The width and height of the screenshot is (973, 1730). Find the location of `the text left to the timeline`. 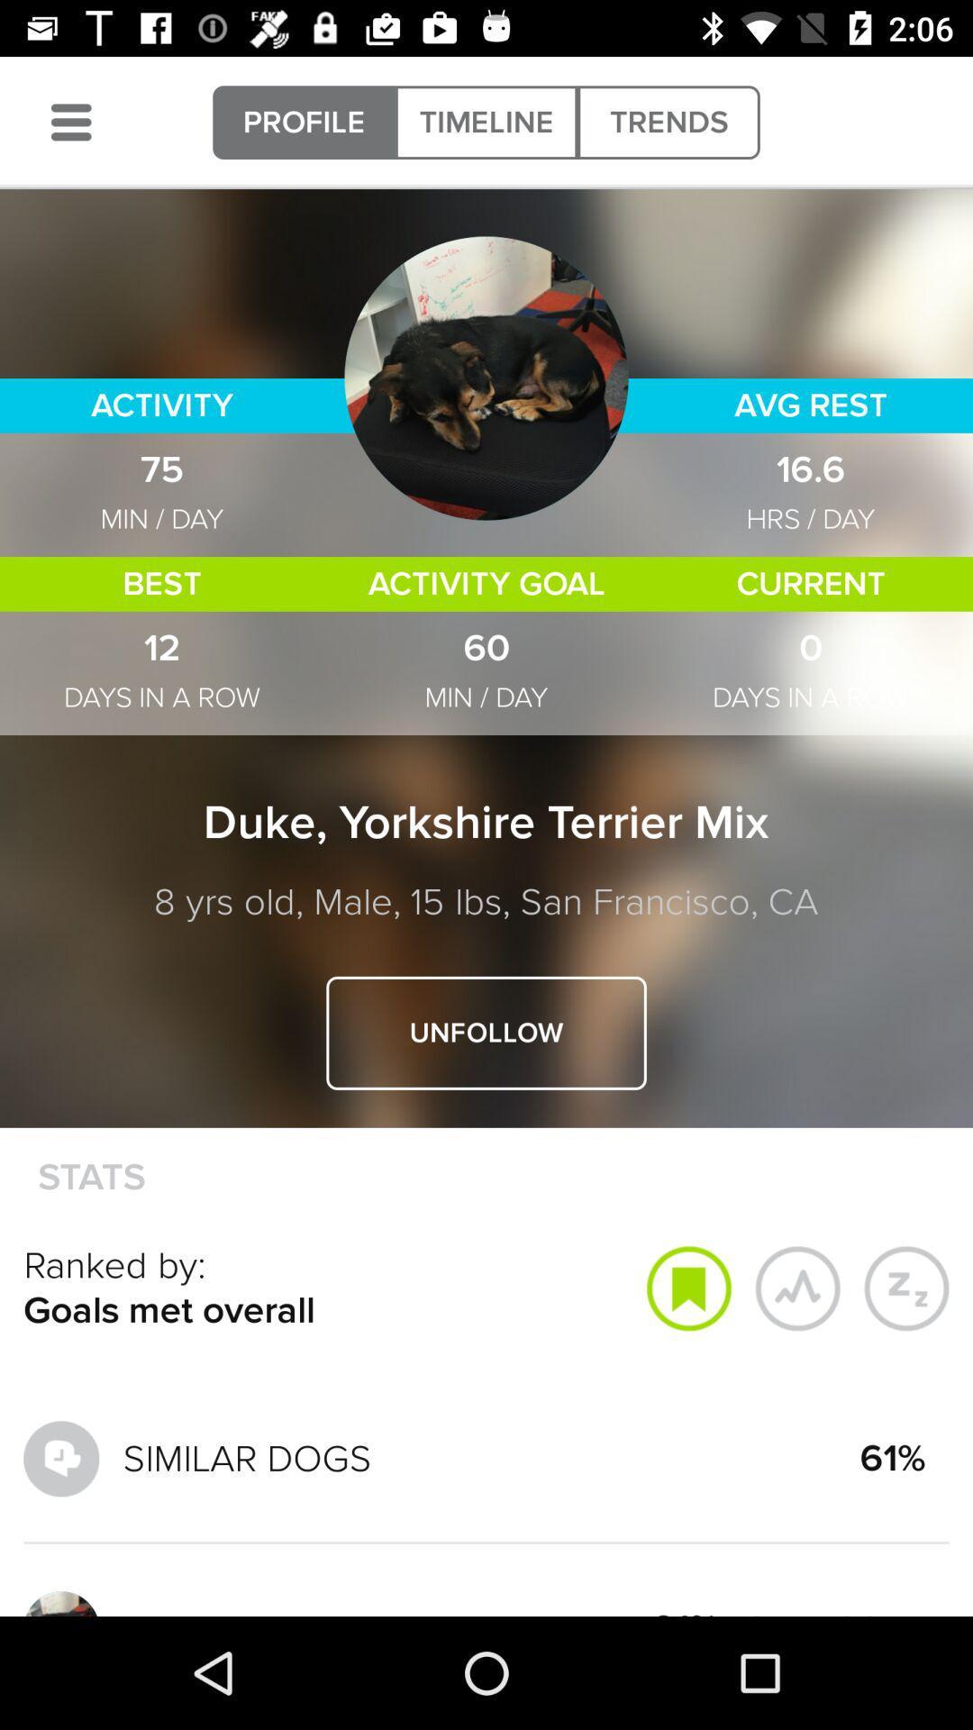

the text left to the timeline is located at coordinates (303, 121).